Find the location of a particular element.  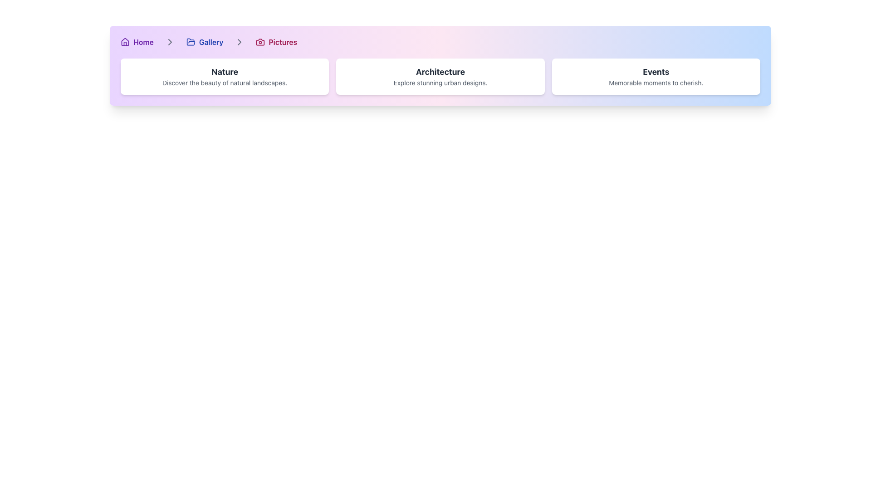

descriptive static text located below the 'Events' header in the rightmost card of the horizontally arranged series of cards is located at coordinates (656, 83).